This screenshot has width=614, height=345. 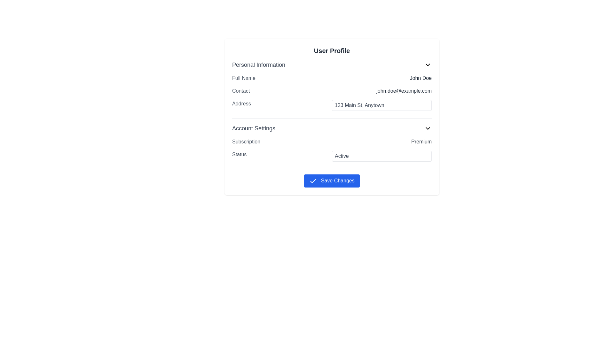 I want to click on the input box of the 'Address' labeled text input field in the 'Personal Information' section, so click(x=332, y=105).